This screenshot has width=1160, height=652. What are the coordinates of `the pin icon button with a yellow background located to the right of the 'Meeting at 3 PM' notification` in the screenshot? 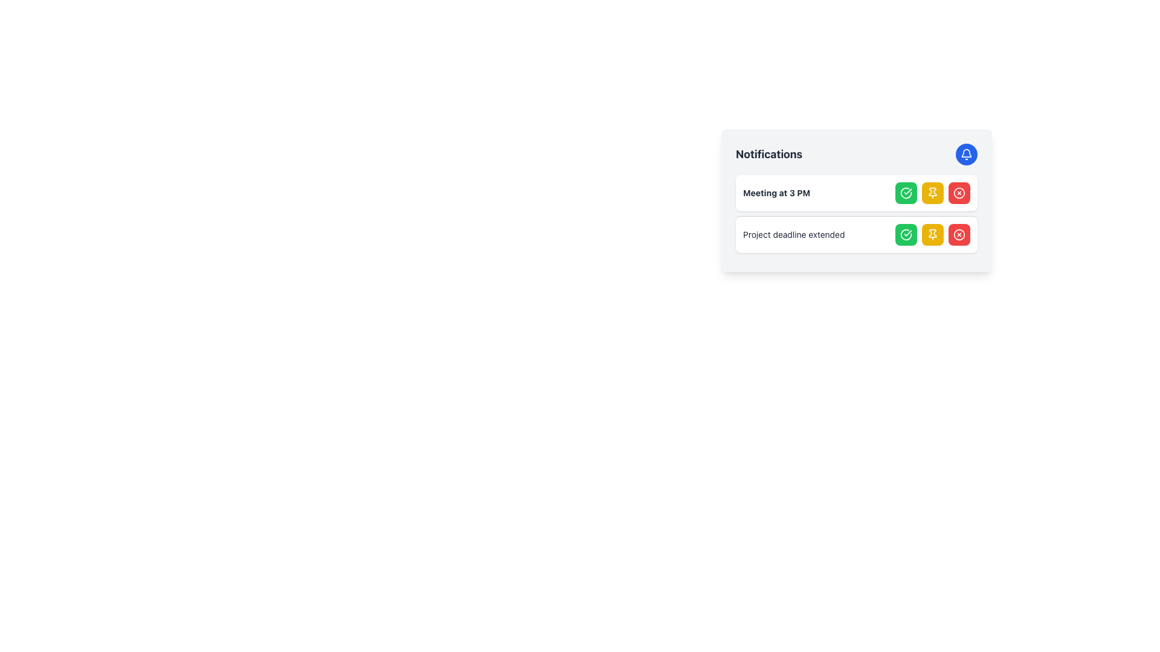 It's located at (932, 235).